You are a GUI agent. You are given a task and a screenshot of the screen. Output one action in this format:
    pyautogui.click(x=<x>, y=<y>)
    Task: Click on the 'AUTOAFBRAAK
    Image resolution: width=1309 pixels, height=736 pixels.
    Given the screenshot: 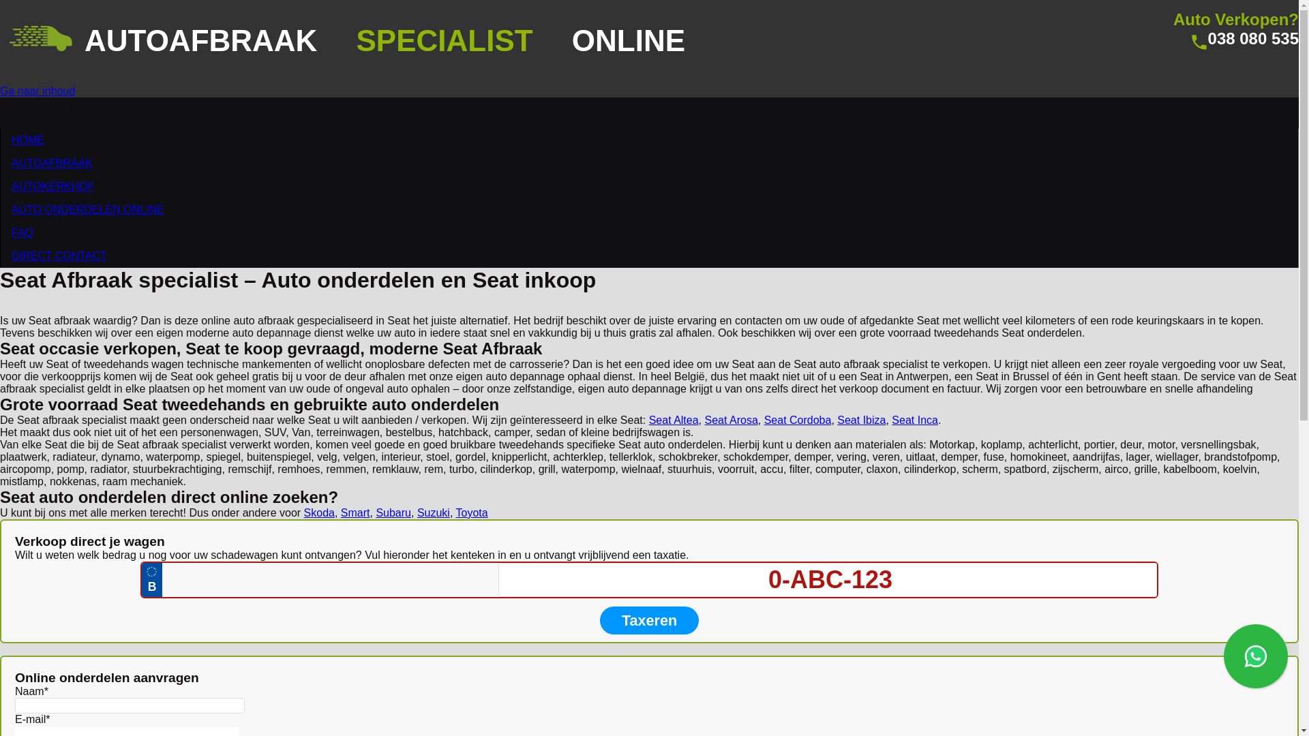 What is the action you would take?
    pyautogui.click(x=402, y=40)
    